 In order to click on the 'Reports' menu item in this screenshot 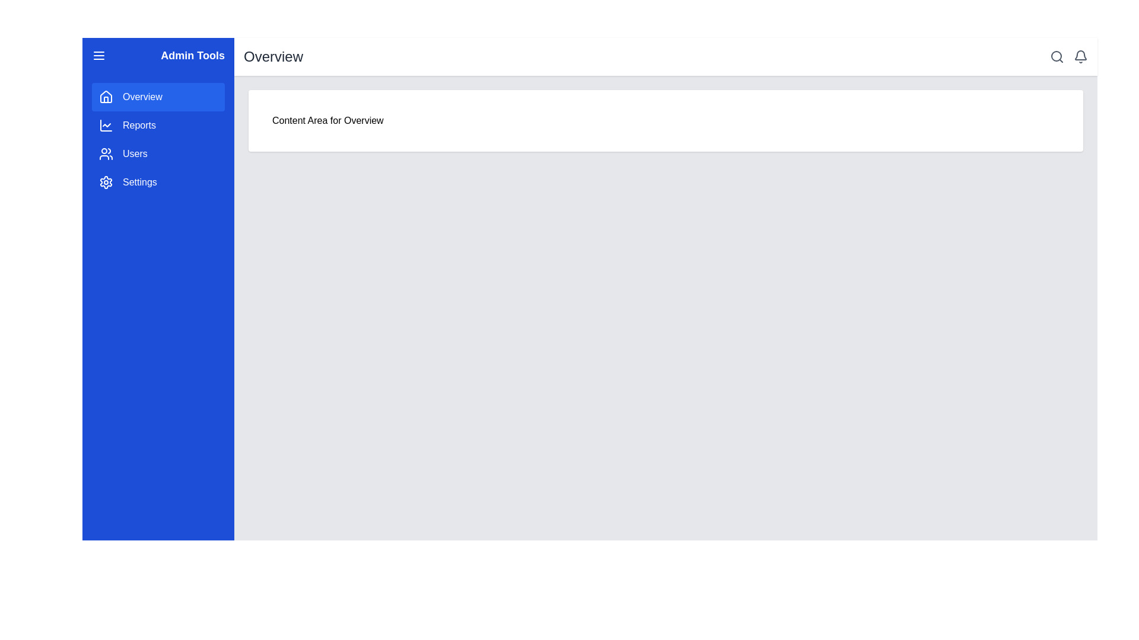, I will do `click(139, 126)`.